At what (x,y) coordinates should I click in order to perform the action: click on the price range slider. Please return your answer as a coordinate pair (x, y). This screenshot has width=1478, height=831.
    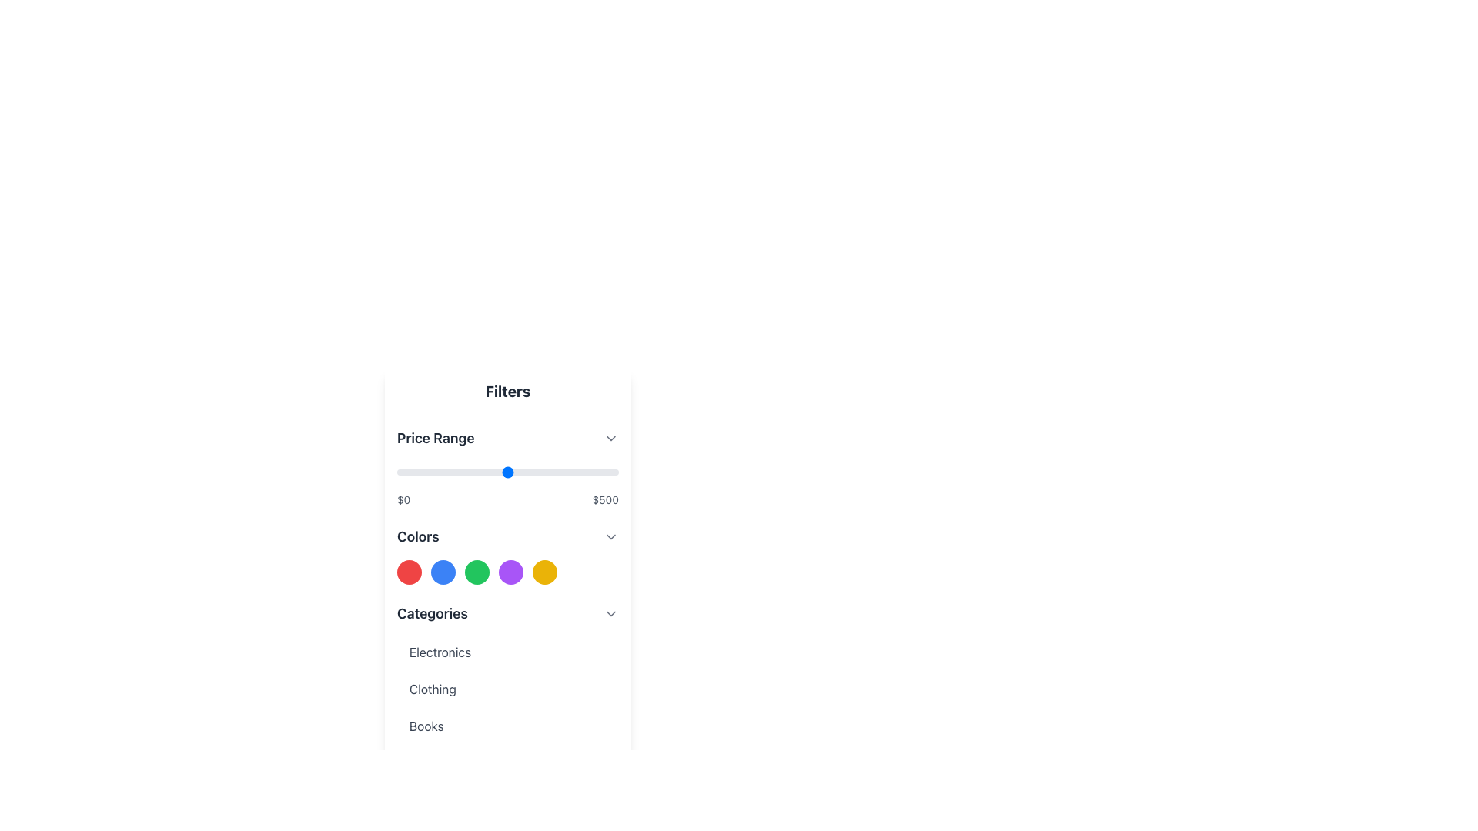
    Looking at the image, I should click on (442, 471).